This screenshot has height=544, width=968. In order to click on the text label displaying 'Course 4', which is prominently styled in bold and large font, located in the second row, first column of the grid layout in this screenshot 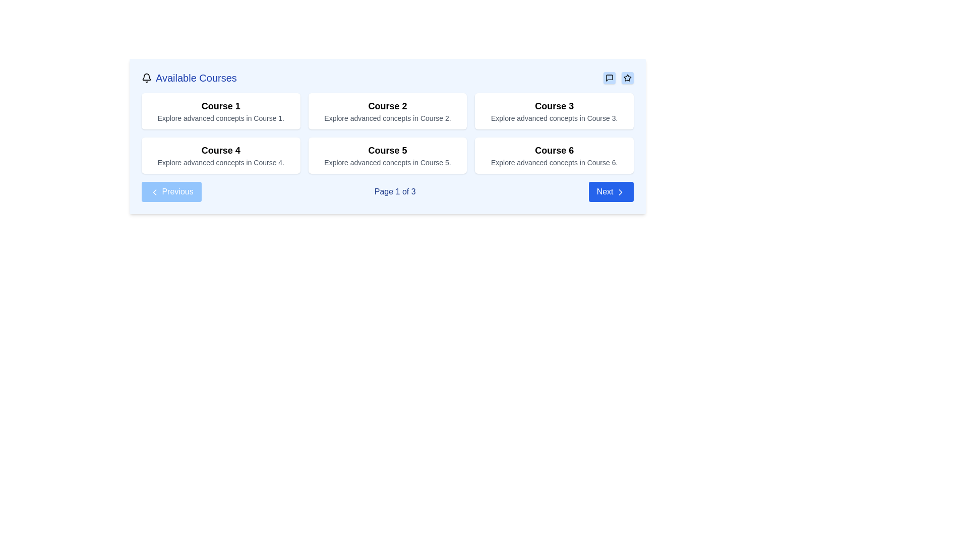, I will do `click(220, 151)`.